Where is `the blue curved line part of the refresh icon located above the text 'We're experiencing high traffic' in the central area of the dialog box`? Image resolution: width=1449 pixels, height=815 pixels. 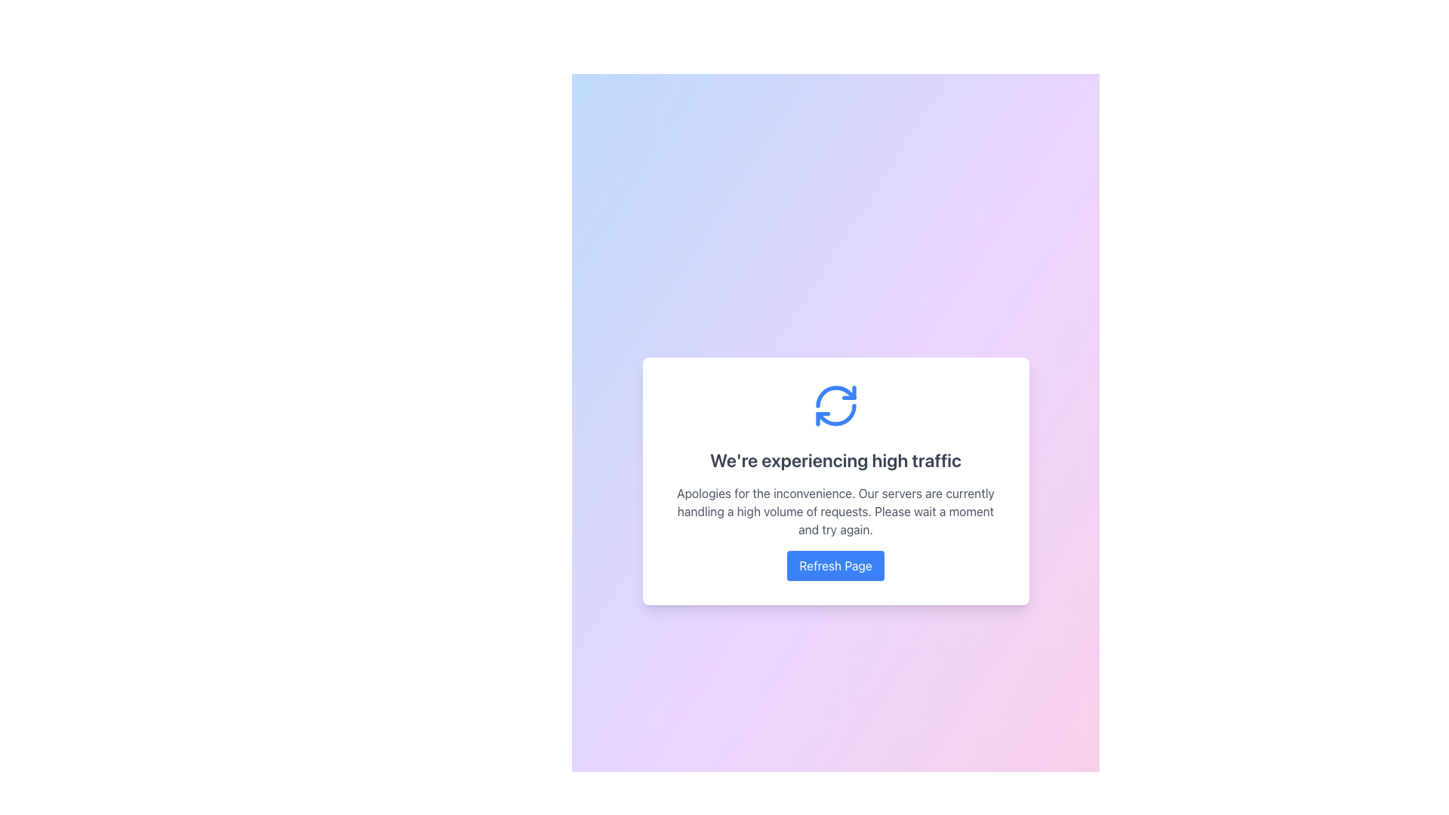 the blue curved line part of the refresh icon located above the text 'We're experiencing high traffic' in the central area of the dialog box is located at coordinates (835, 415).